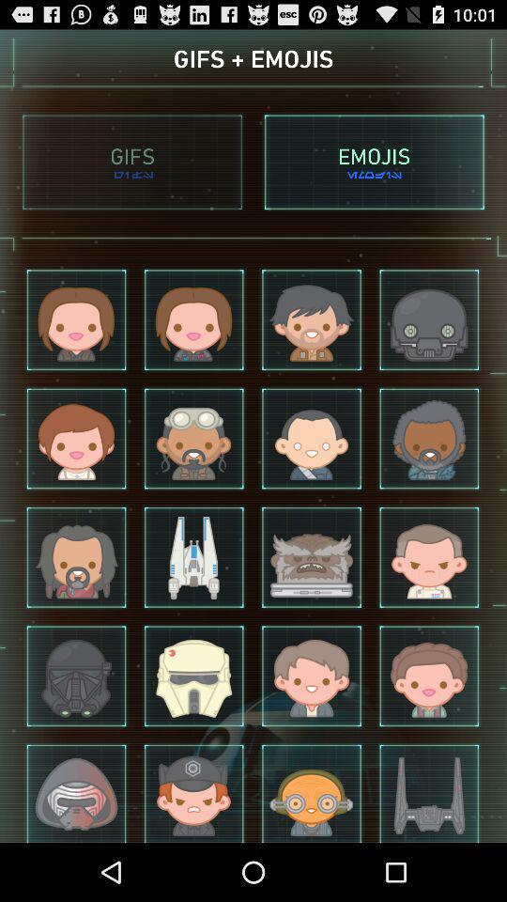 Image resolution: width=507 pixels, height=902 pixels. Describe the element at coordinates (429, 319) in the screenshot. I see `the 4th emoji` at that location.